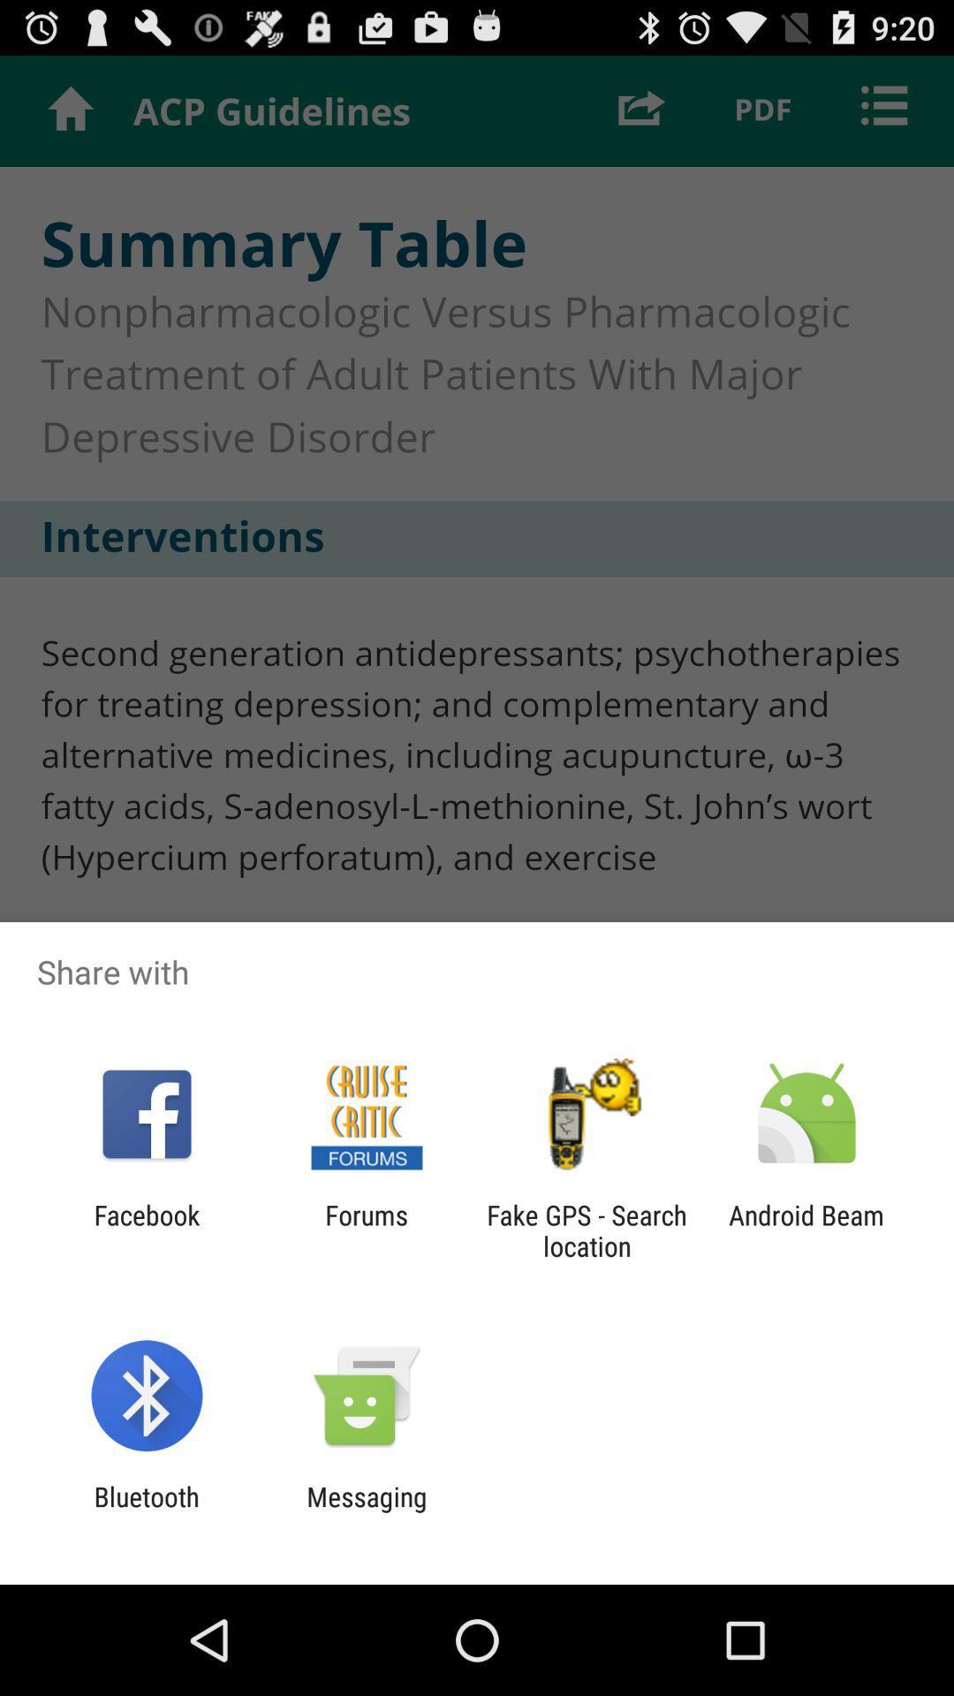 This screenshot has height=1696, width=954. What do you see at coordinates (146, 1230) in the screenshot?
I see `facebook` at bounding box center [146, 1230].